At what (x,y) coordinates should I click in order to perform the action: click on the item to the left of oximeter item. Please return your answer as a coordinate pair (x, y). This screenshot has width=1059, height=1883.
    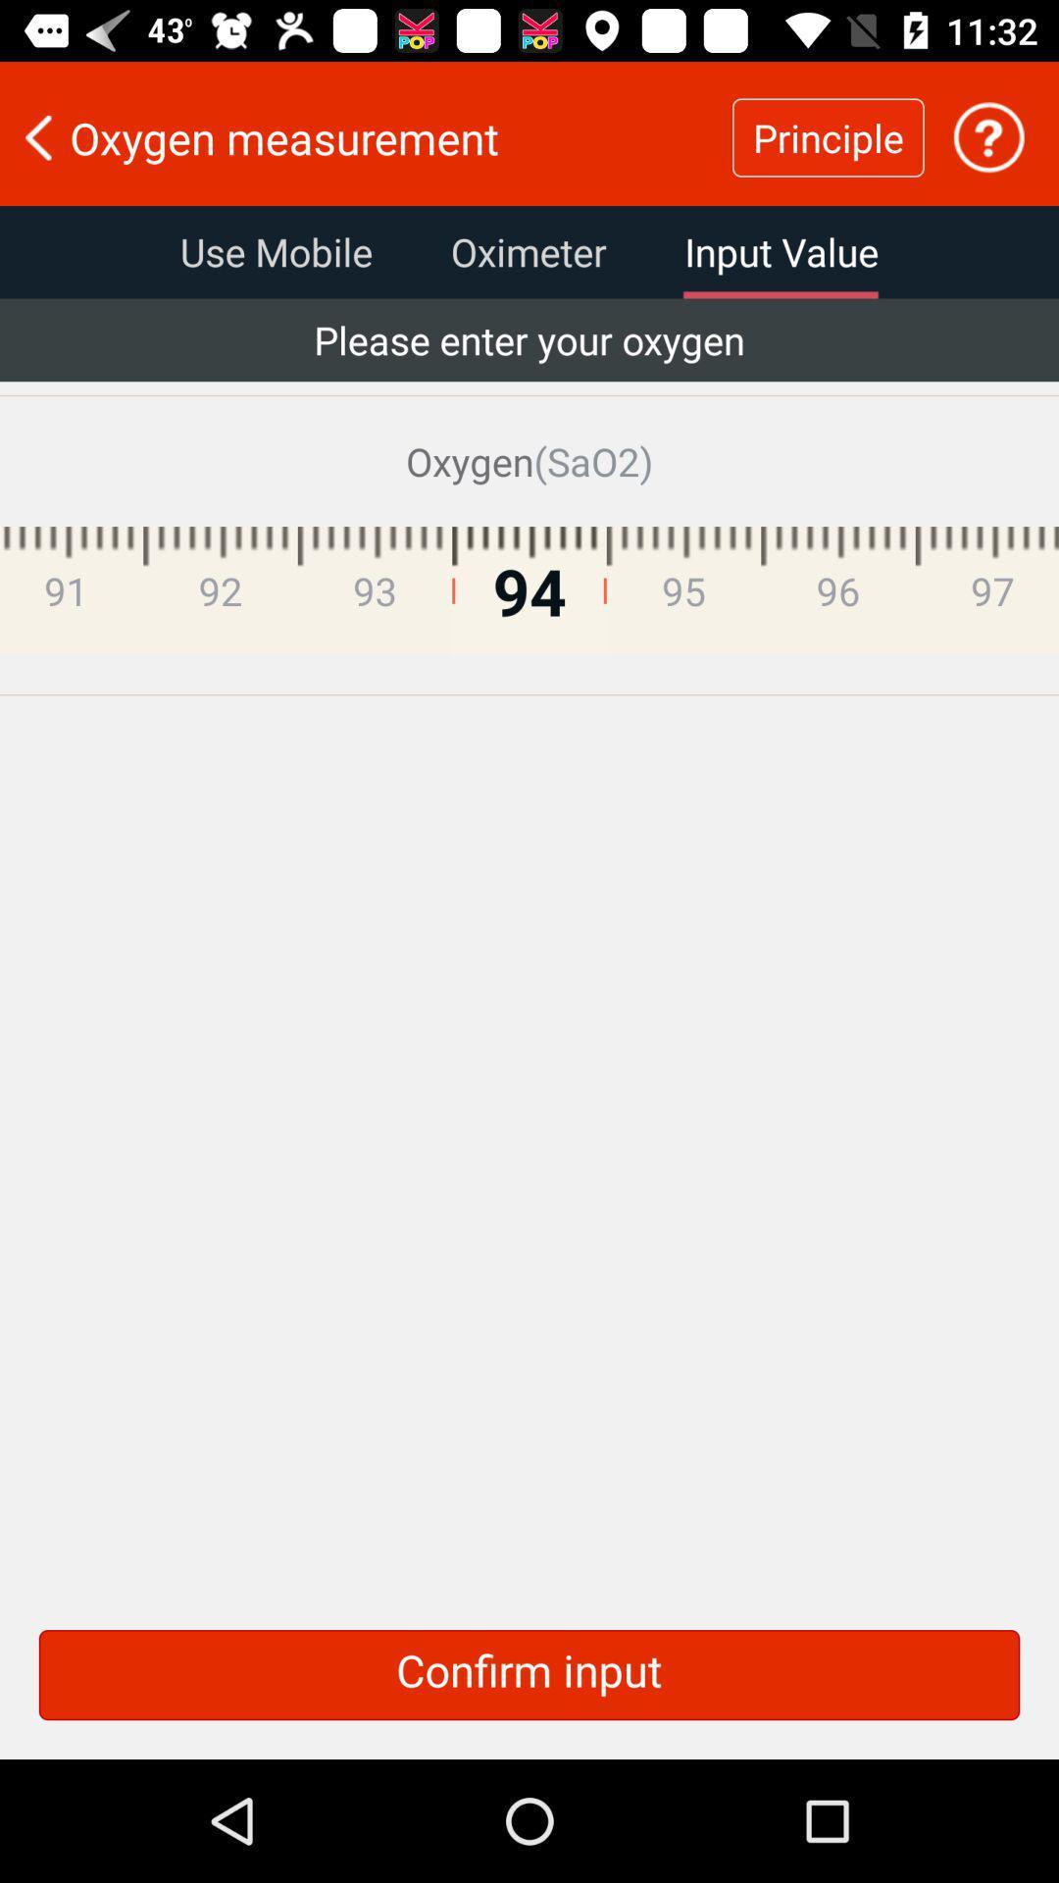
    Looking at the image, I should click on (276, 251).